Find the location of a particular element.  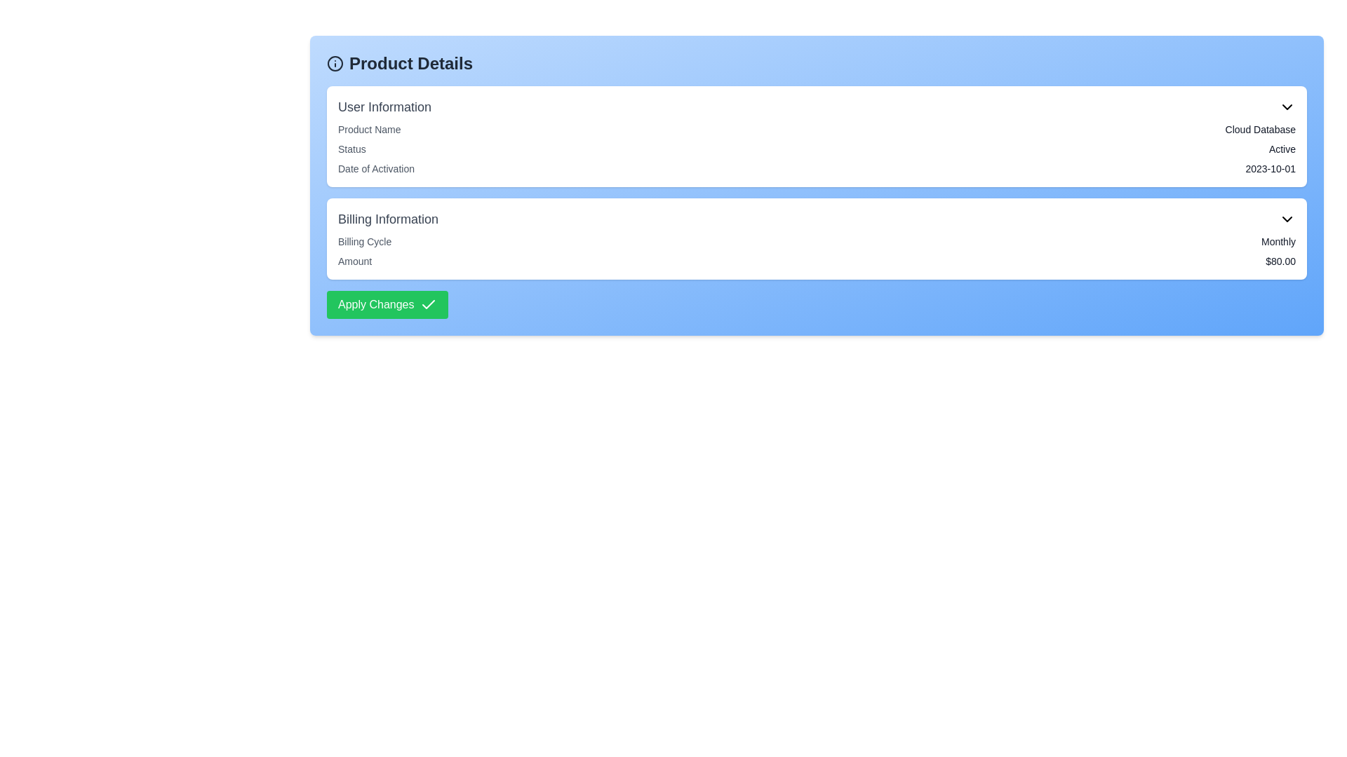

the chevron icon located in the top-right corner of the 'Billing Information' section is located at coordinates (1287, 219).